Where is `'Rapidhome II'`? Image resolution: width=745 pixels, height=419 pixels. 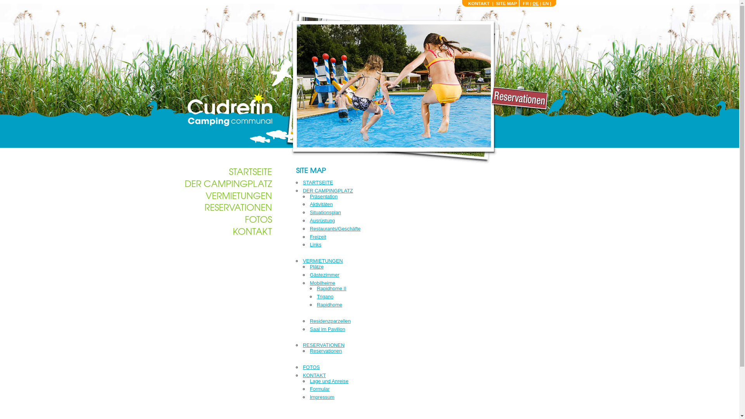 'Rapidhome II' is located at coordinates (317, 288).